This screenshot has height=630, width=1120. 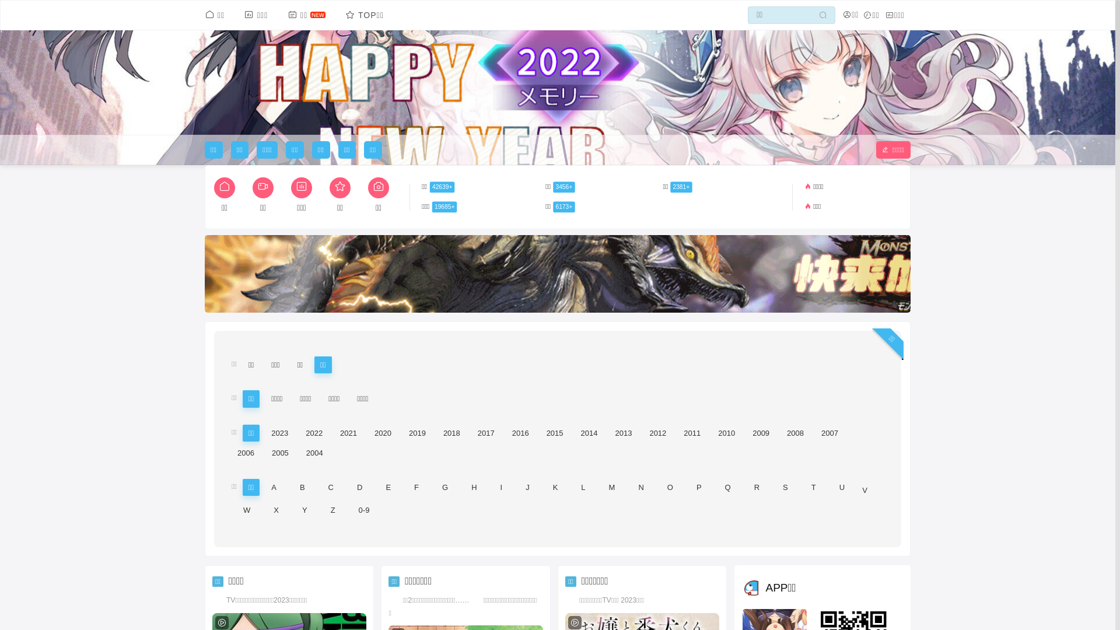 What do you see at coordinates (436, 487) in the screenshot?
I see `'G'` at bounding box center [436, 487].